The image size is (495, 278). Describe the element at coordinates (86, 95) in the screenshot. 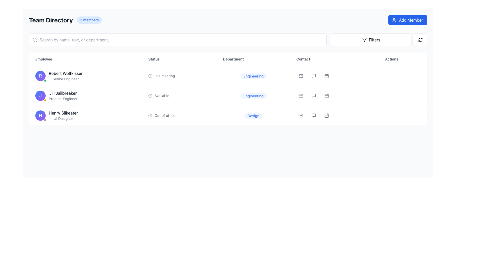

I see `the second entry in the 'Employee' column of the 'Team Directory' table, which displays the name 'Jill Jailbreaker' and the job title 'Product Engineer'` at that location.